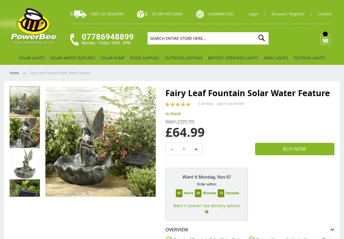  Describe the element at coordinates (325, 13) in the screenshot. I see `'Contact'` at that location.